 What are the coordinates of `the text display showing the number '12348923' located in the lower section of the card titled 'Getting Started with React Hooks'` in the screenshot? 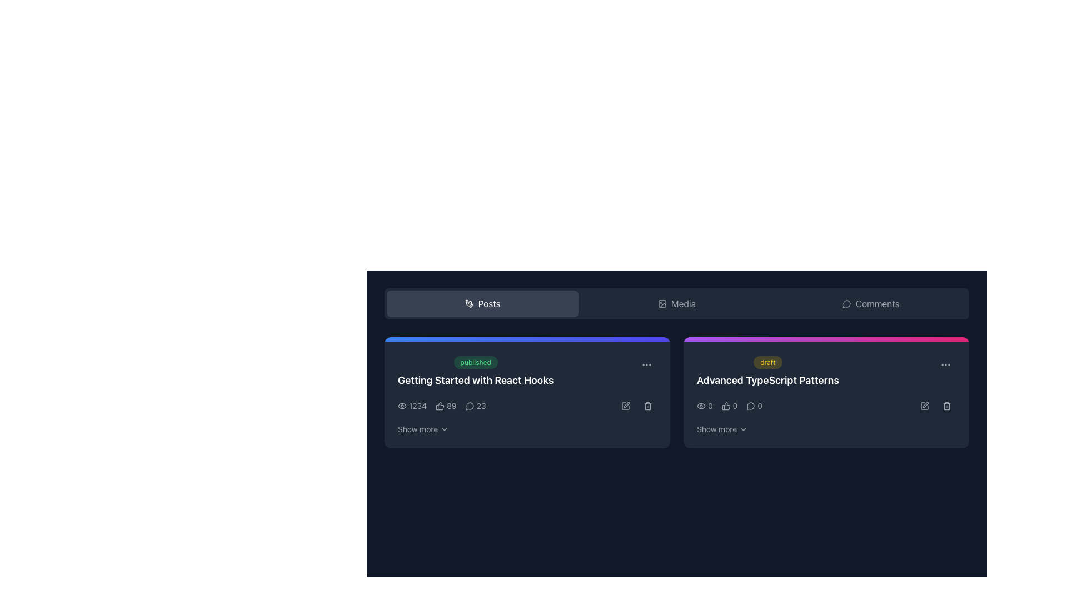 It's located at (527, 406).